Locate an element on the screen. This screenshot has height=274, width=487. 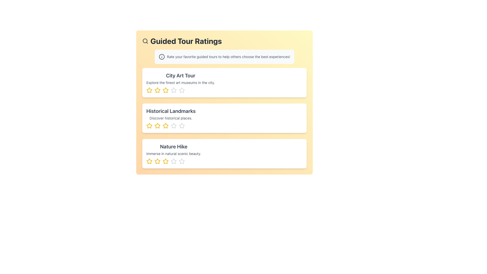
the second yellow star icon for the 'Historical Landmarks' rating option is located at coordinates (157, 126).